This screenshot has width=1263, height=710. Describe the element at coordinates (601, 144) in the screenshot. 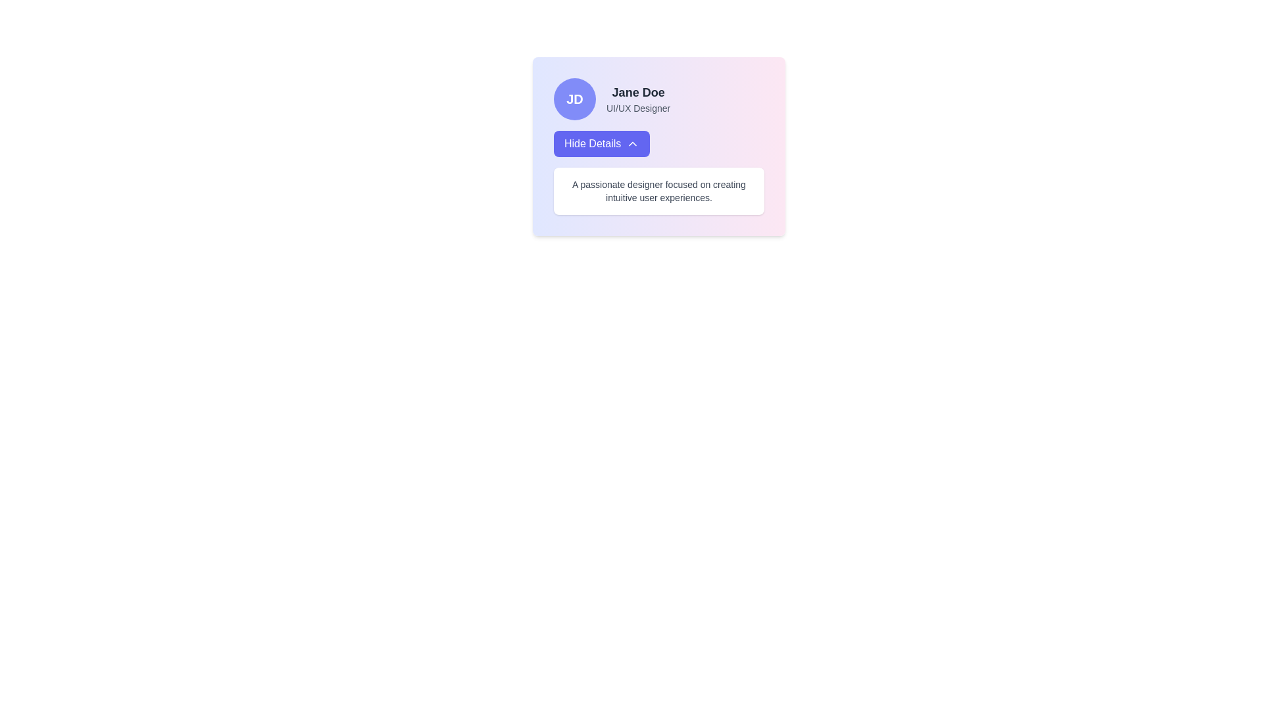

I see `the toggle button located underneath the profile information of 'Jane Doe' to hide additional details` at that location.